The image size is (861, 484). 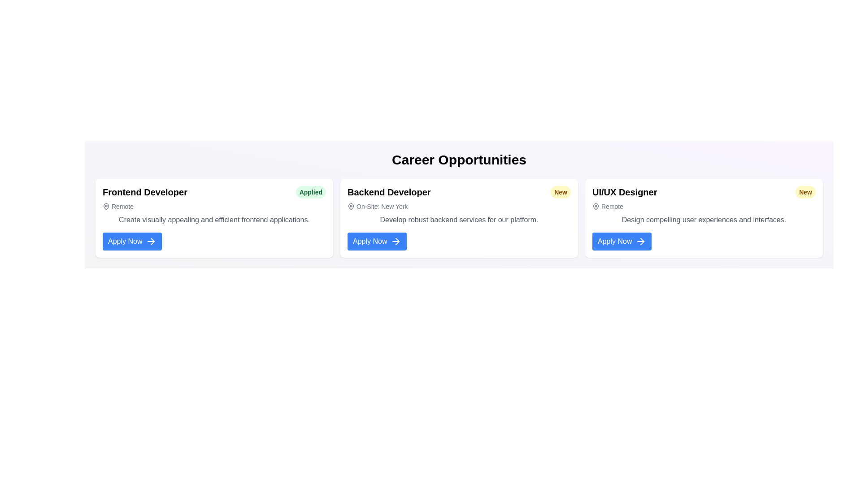 What do you see at coordinates (106, 206) in the screenshot?
I see `the remote job indicator icon located to the left of the 'Remote' label in the 'Frontend Developer' job card` at bounding box center [106, 206].